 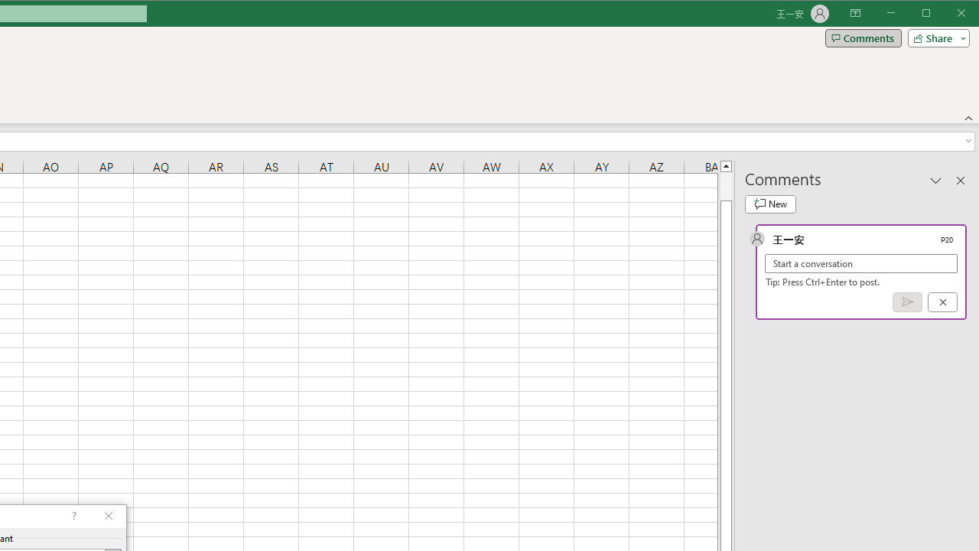 I want to click on 'Share', so click(x=935, y=37).